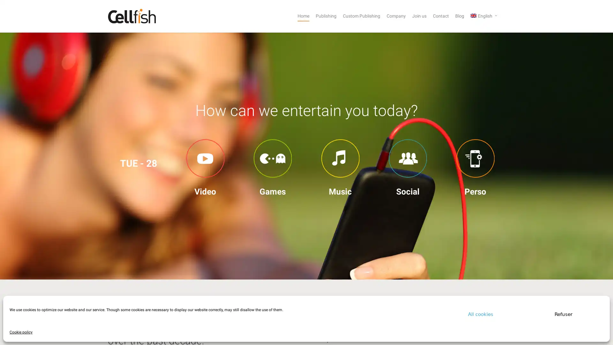 This screenshot has height=345, width=613. Describe the element at coordinates (481, 314) in the screenshot. I see `All cookies` at that location.